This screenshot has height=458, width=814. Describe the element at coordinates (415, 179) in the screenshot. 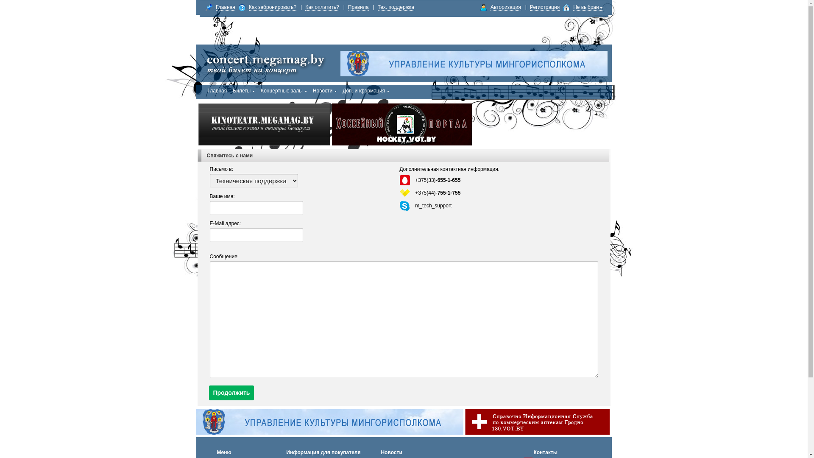

I see `'+375(33)-655-1-655'` at that location.